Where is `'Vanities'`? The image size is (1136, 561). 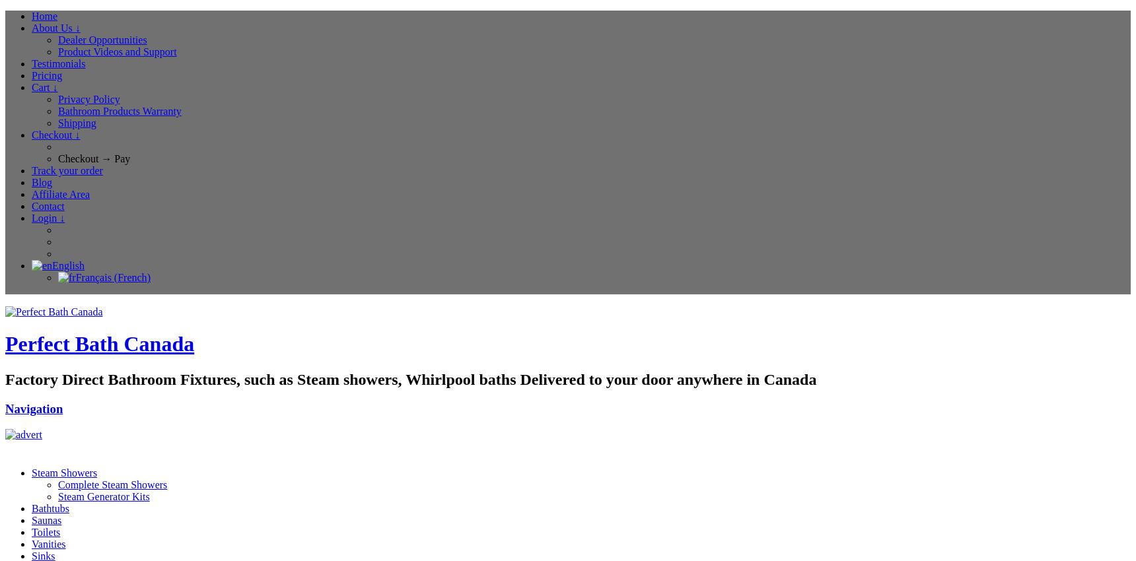
'Vanities' is located at coordinates (48, 543).